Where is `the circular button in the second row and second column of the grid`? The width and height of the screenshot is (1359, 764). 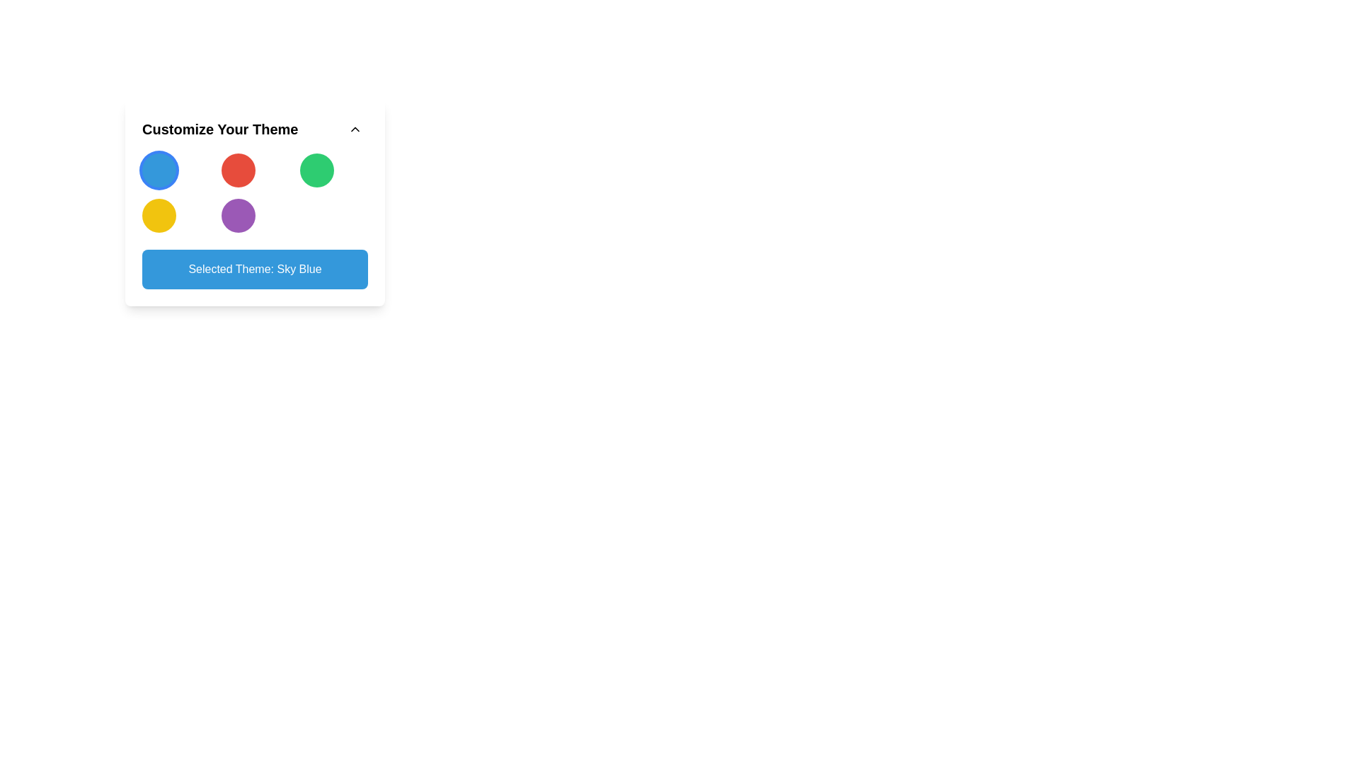 the circular button in the second row and second column of the grid is located at coordinates (238, 215).